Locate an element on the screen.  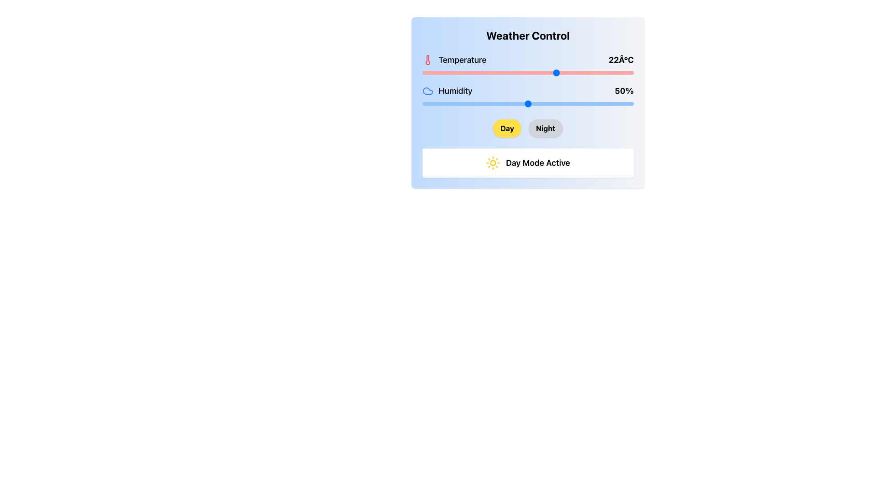
the humidity slider is located at coordinates (428, 103).